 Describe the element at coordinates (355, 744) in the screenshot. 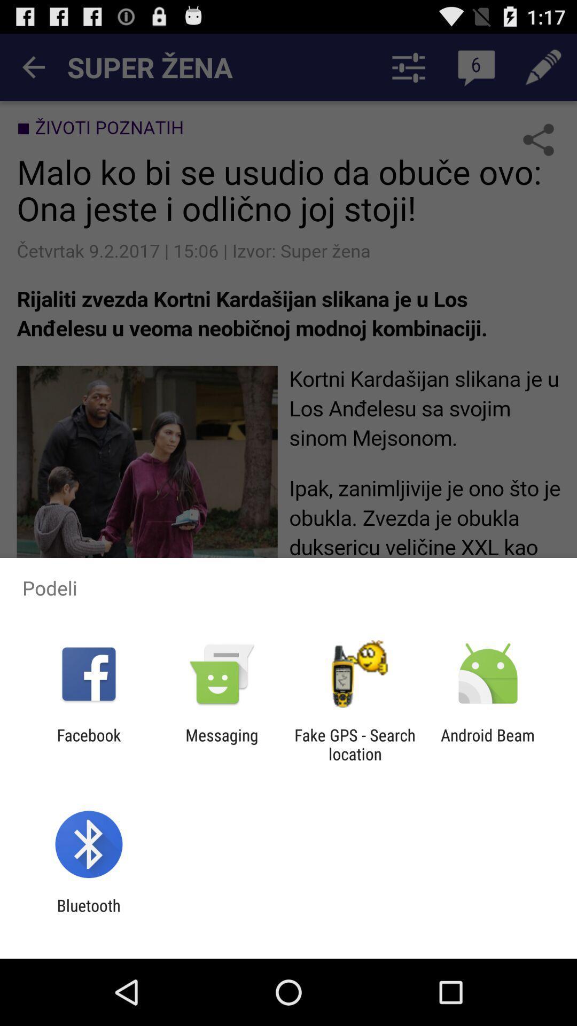

I see `fake gps search app` at that location.